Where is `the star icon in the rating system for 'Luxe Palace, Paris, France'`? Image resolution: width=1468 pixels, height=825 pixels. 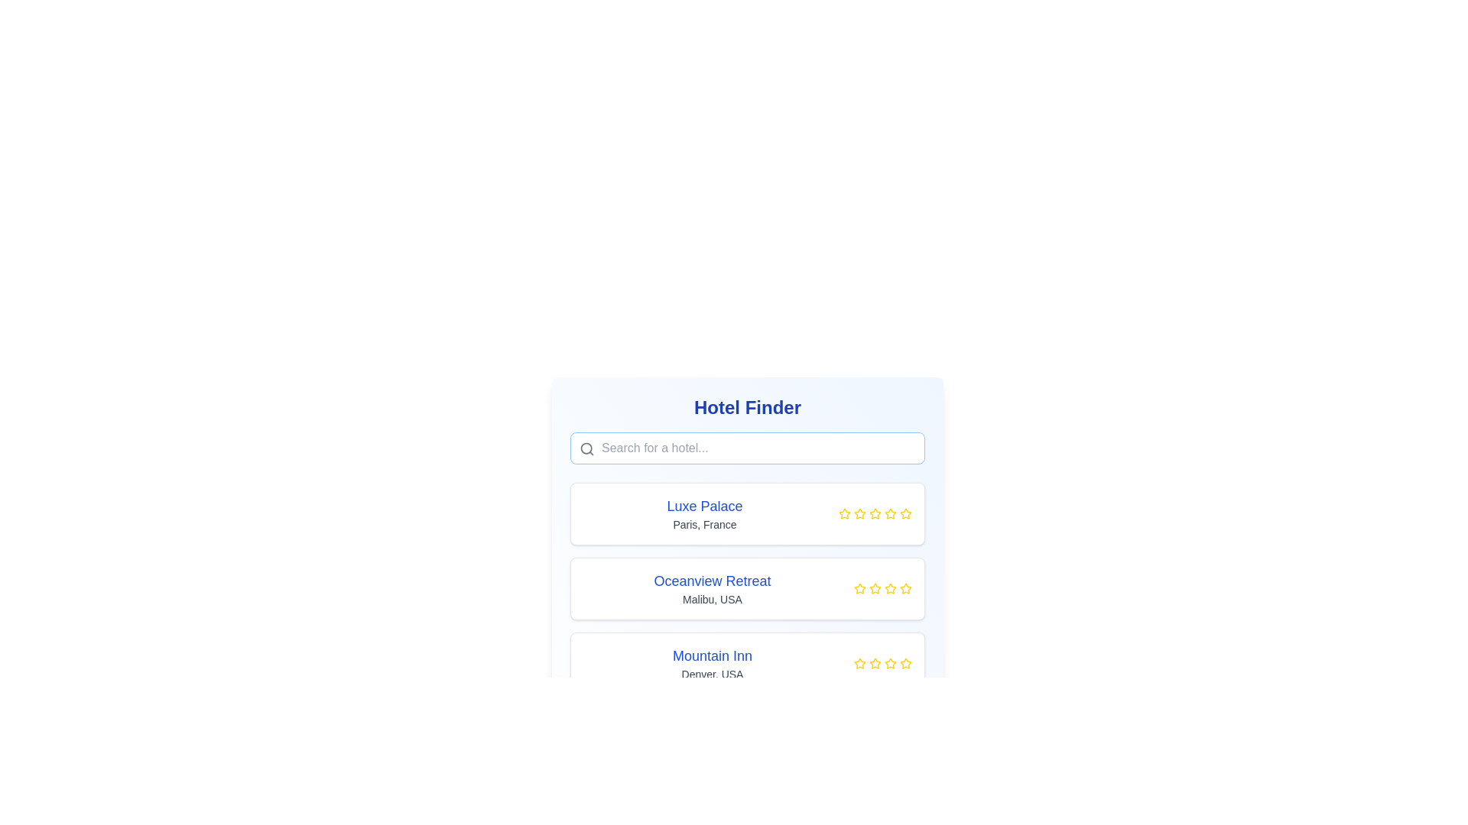 the star icon in the rating system for 'Luxe Palace, Paris, France' is located at coordinates (843, 513).